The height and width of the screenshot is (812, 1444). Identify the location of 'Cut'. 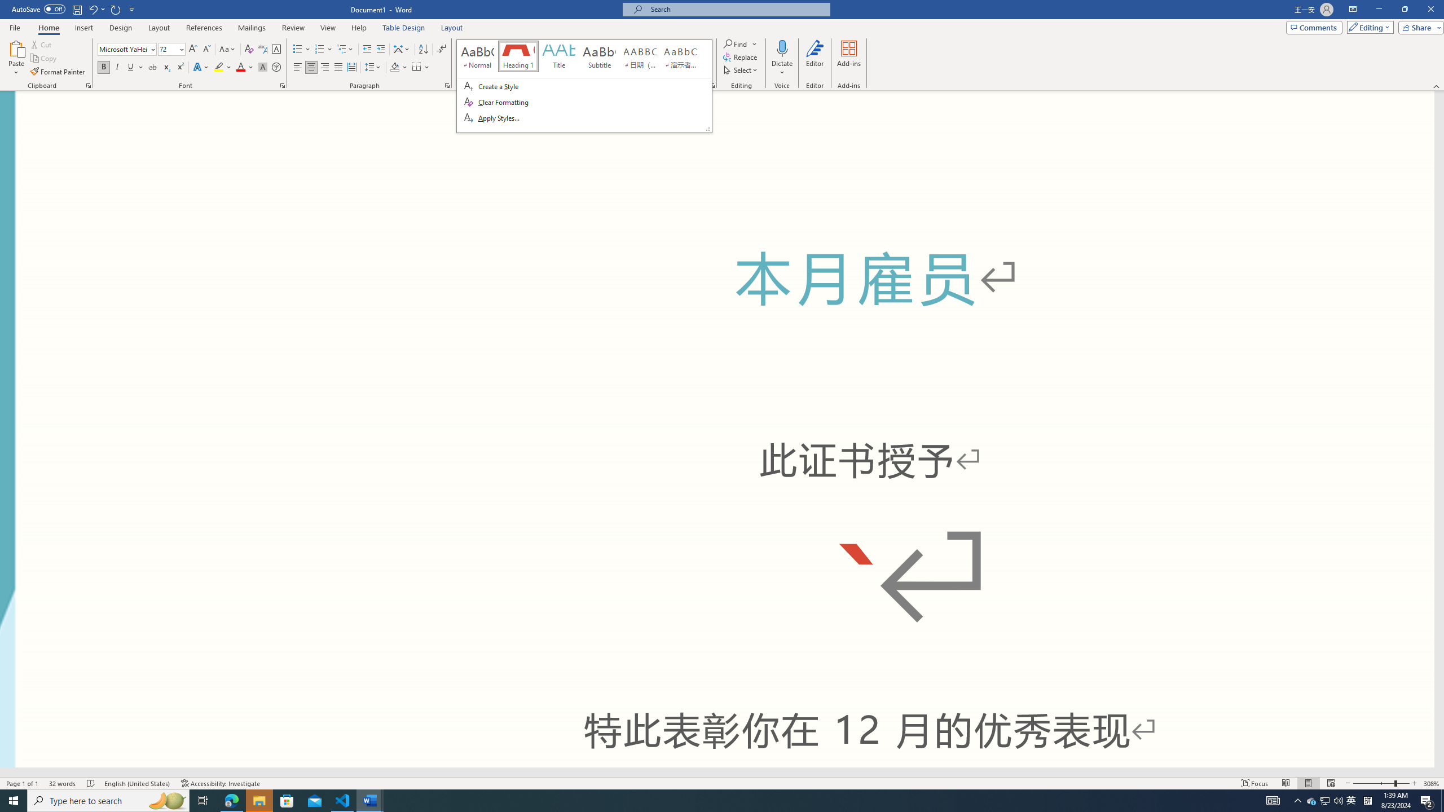
(41, 44).